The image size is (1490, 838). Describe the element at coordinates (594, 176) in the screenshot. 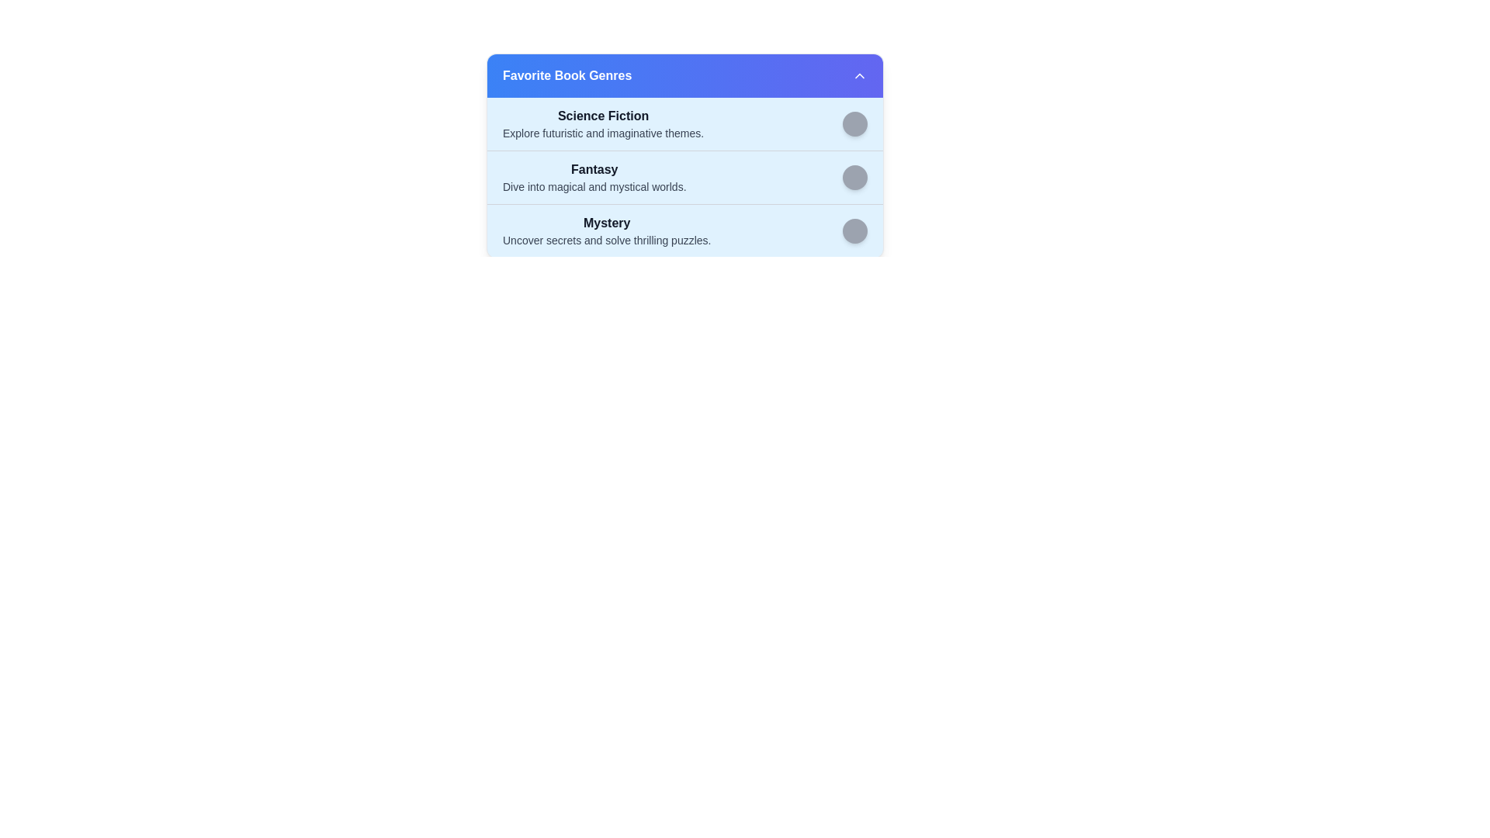

I see `description of the 'Fantasy' genre text block, which is the second entry in a vertically stacked list, positioned below 'Science Fiction' and above 'Mystery'` at that location.